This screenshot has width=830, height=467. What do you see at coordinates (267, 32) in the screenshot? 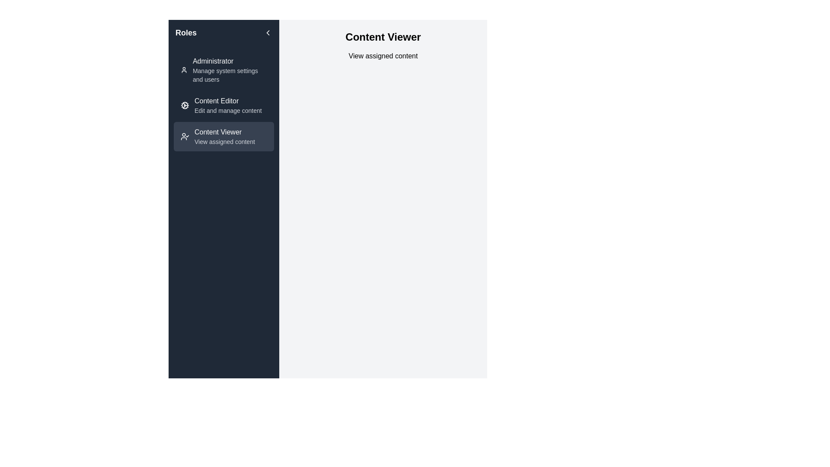
I see `the arrow icon in the upper-right quadrant of the dark-themed sidebar` at bounding box center [267, 32].